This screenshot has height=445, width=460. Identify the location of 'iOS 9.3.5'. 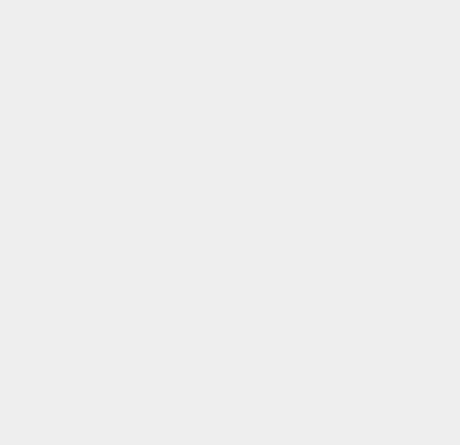
(337, 359).